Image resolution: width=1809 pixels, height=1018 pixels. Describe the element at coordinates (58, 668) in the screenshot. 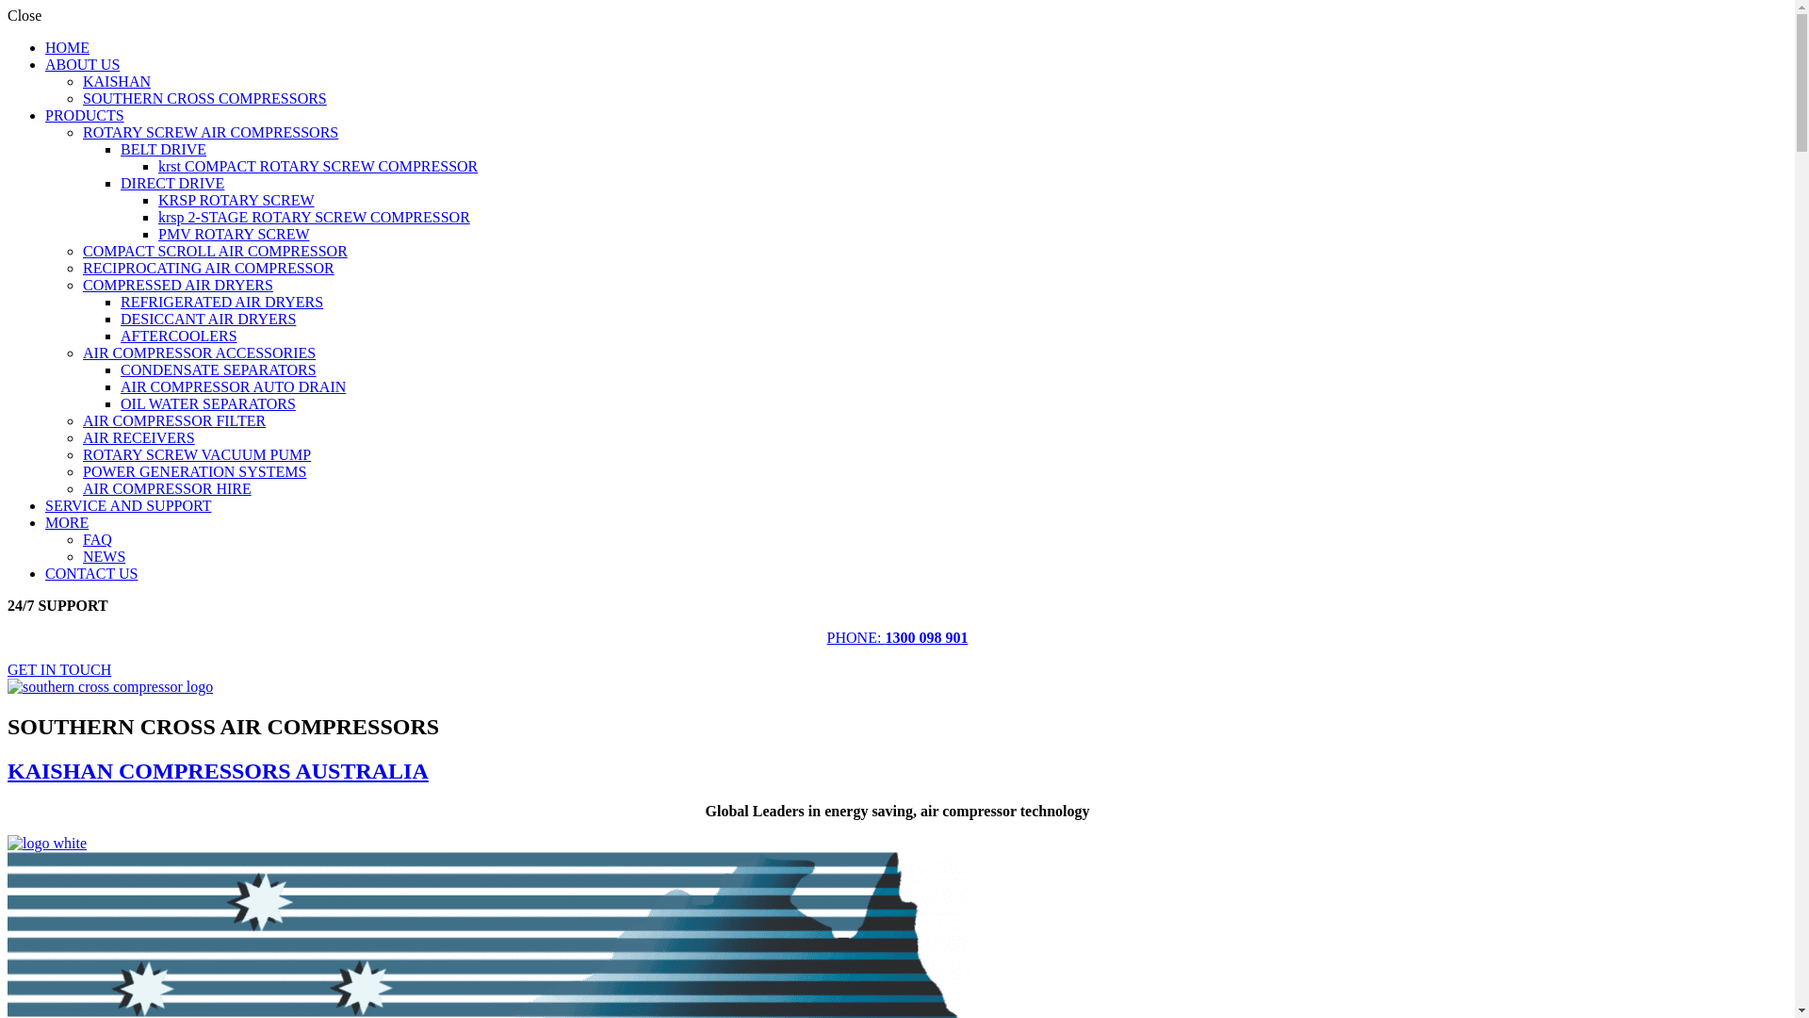

I see `'GET IN TOUCH'` at that location.